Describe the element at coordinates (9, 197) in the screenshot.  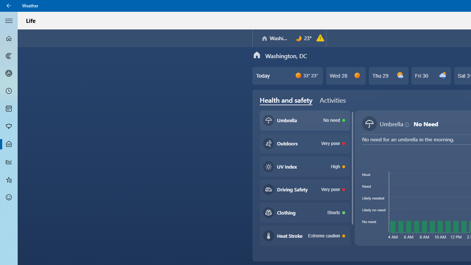
I see `'Send Feedback - Not Selected'` at that location.